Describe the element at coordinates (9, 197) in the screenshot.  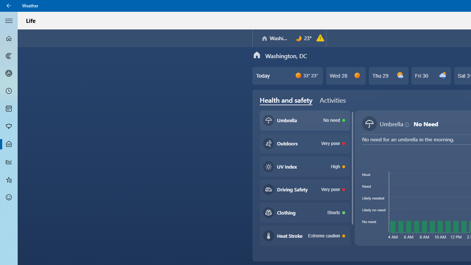
I see `'Send Feedback - Not Selected'` at that location.